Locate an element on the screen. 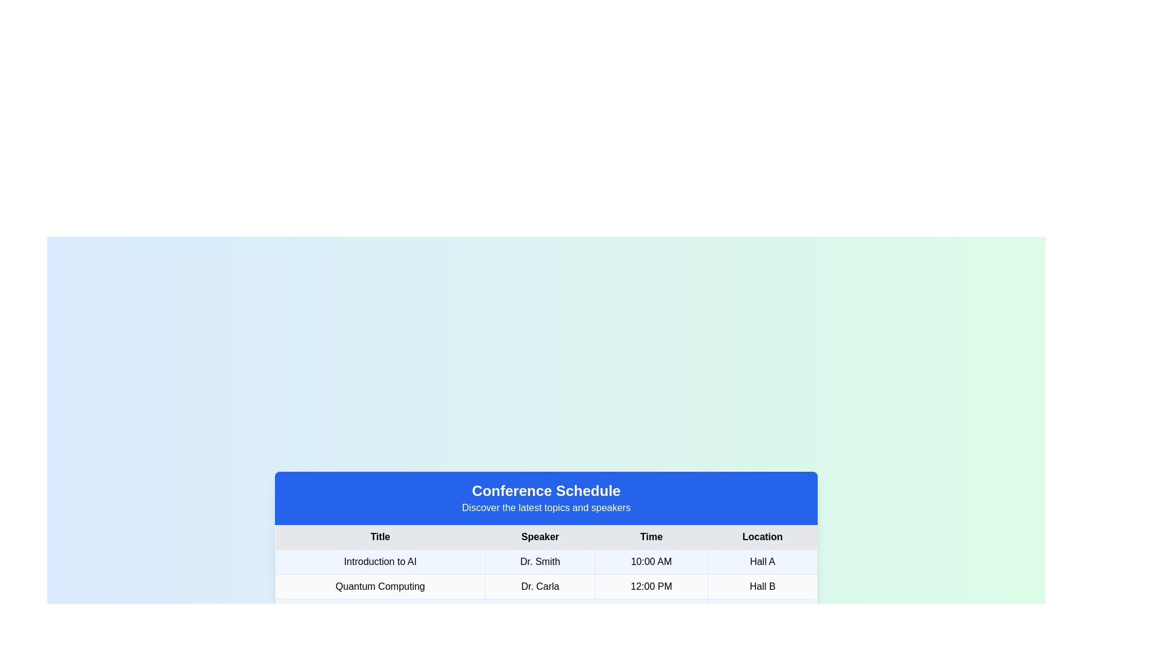  the text label displaying 'Quantum Computing', which is styled with black text on a white background and located in the second row under the 'Title' column of the conference schedule is located at coordinates (380, 586).